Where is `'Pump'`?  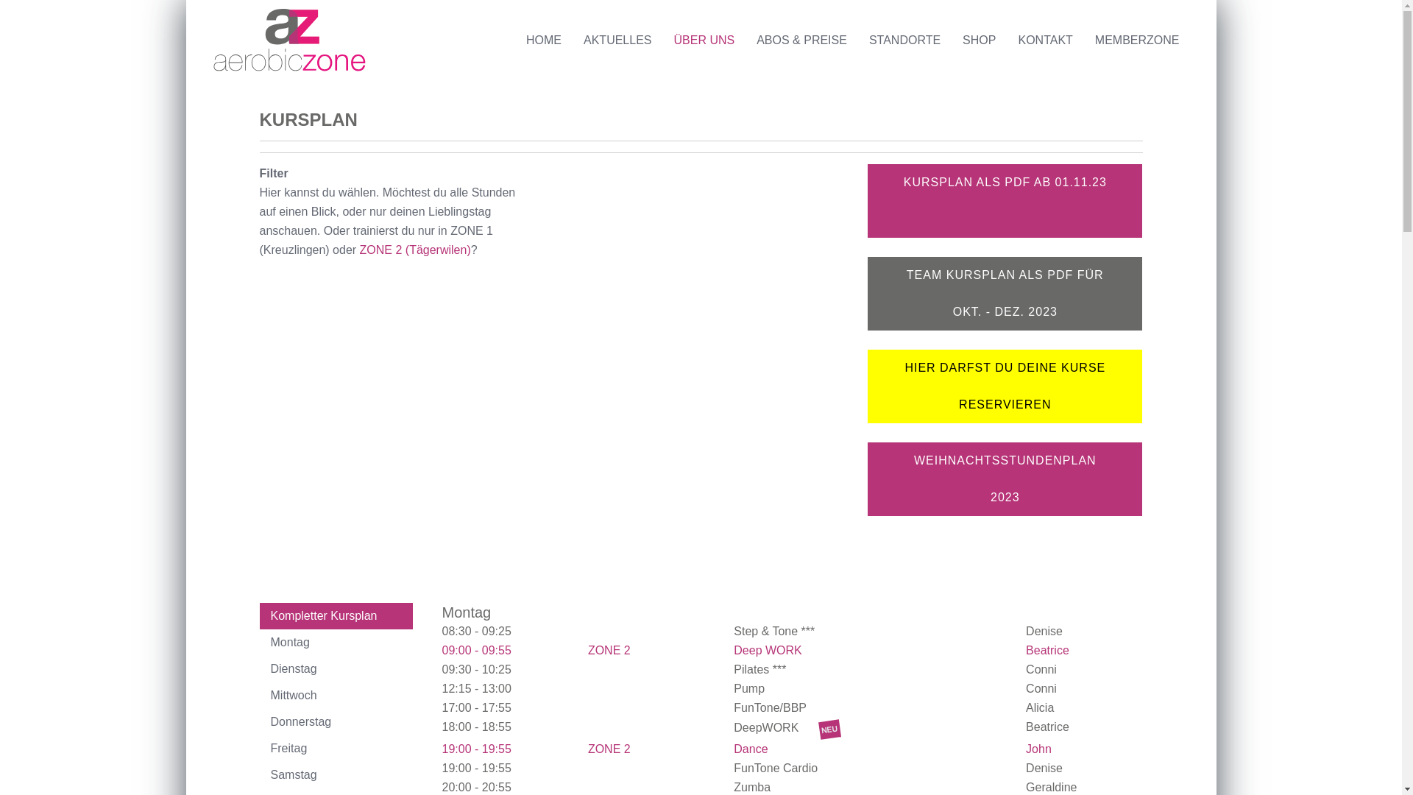 'Pump' is located at coordinates (750, 688).